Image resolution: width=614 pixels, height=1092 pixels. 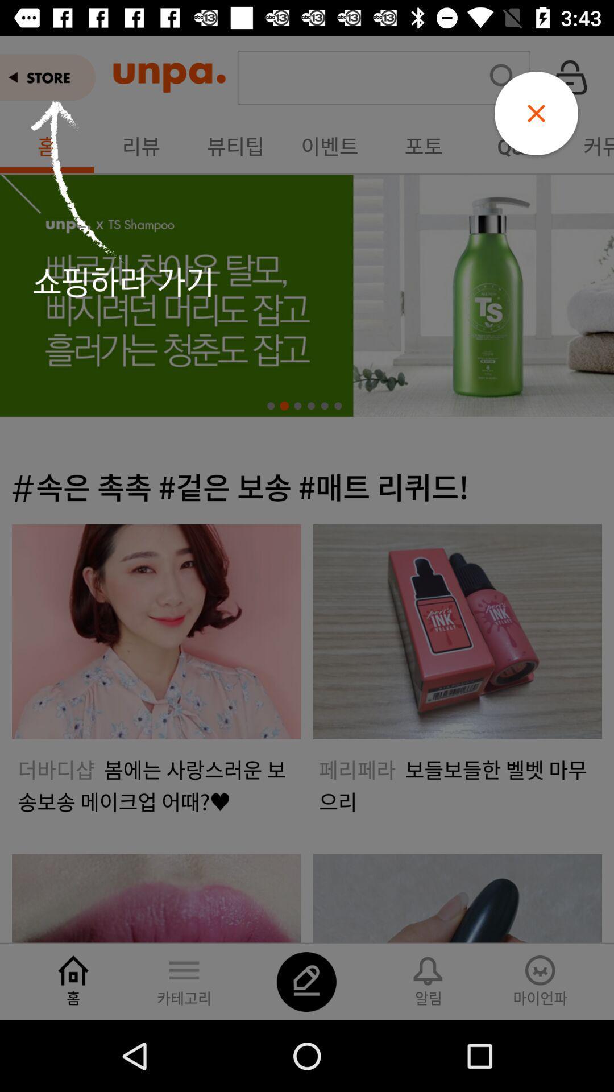 What do you see at coordinates (536, 113) in the screenshot?
I see `the item at the top right corner` at bounding box center [536, 113].